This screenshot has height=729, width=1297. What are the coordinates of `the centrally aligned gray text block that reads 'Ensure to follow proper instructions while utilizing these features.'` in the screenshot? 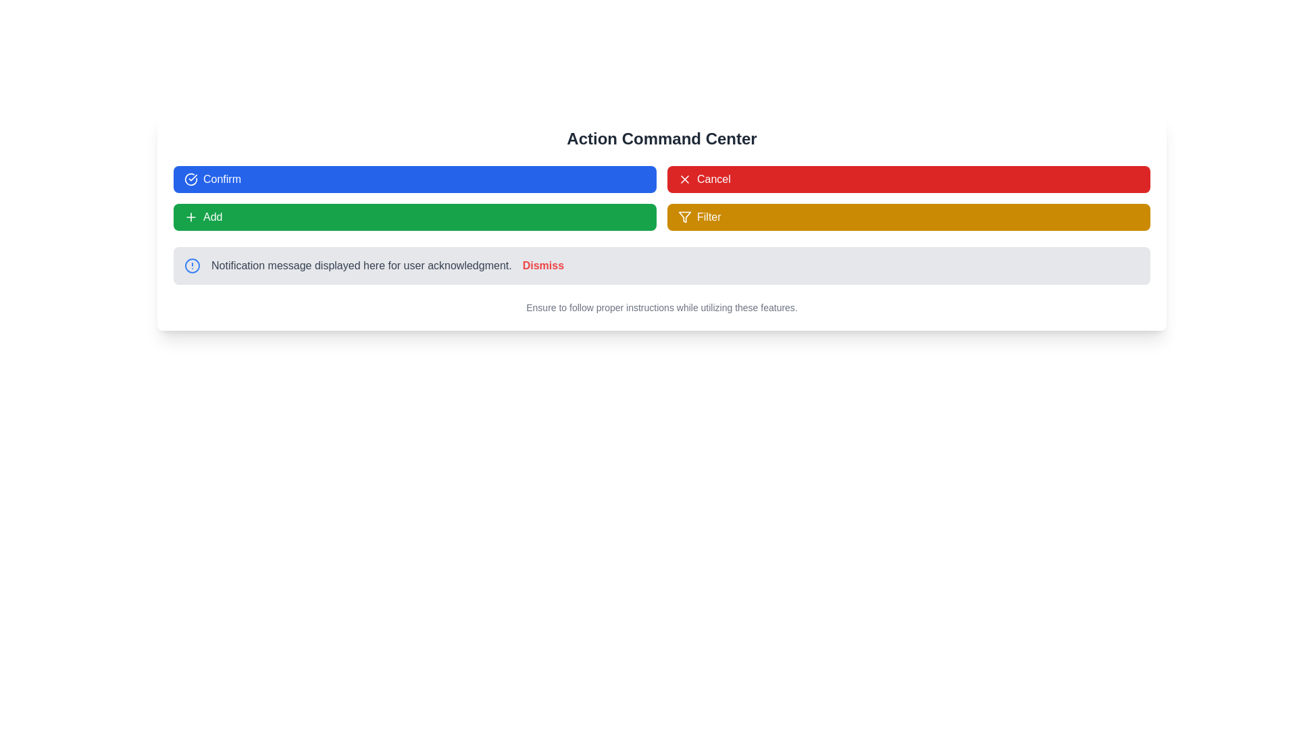 It's located at (661, 307).